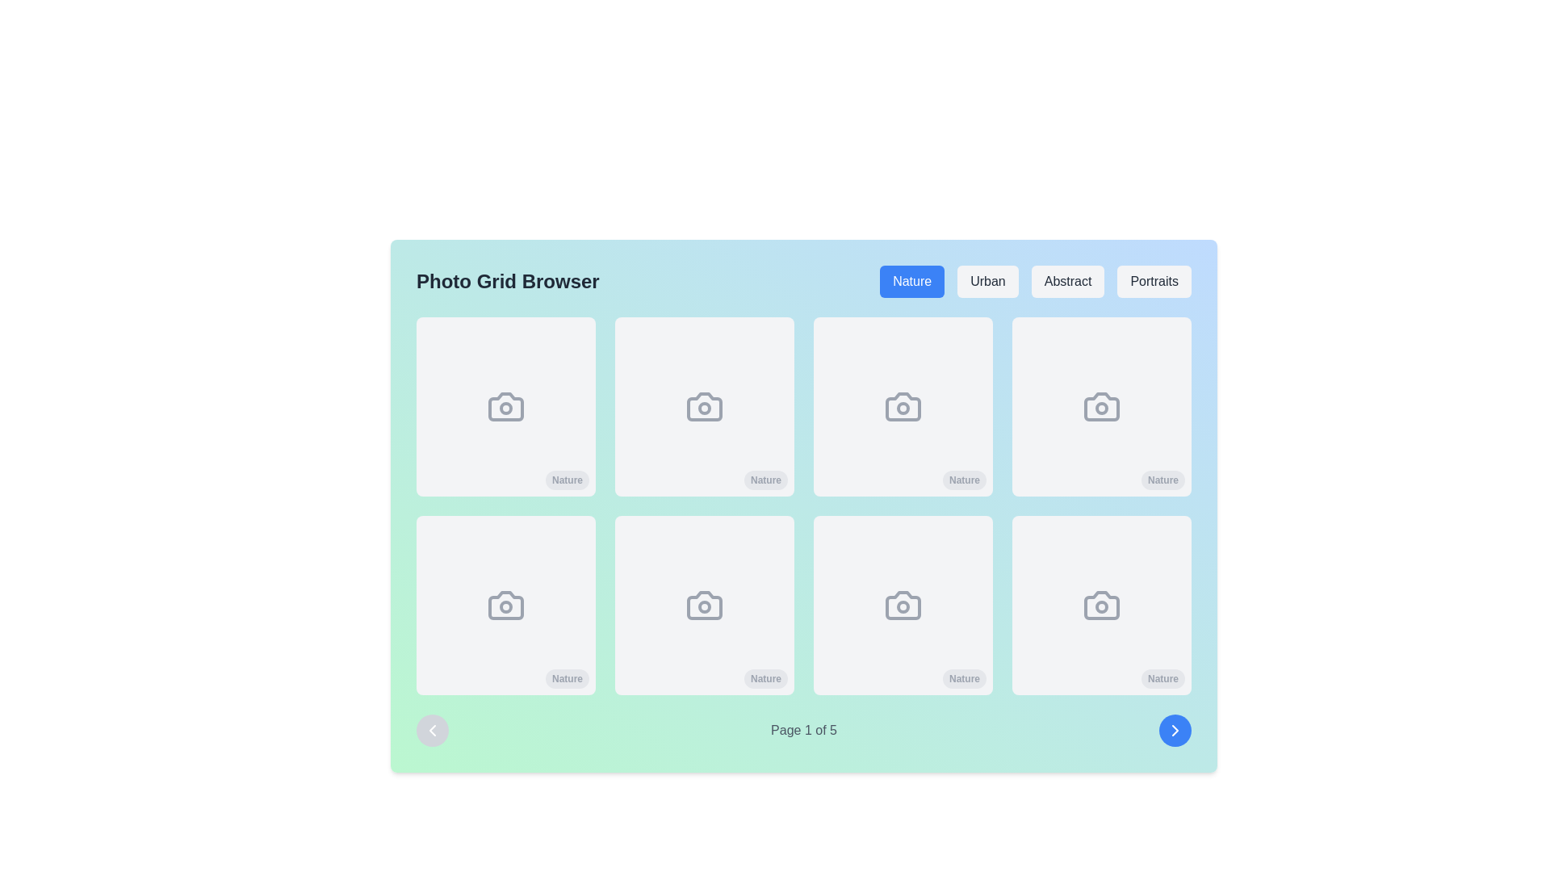  I want to click on the 'Page 1 of 5' label located at the bottom-center of the navigation panel, which is displayed in gray font, so click(804, 731).